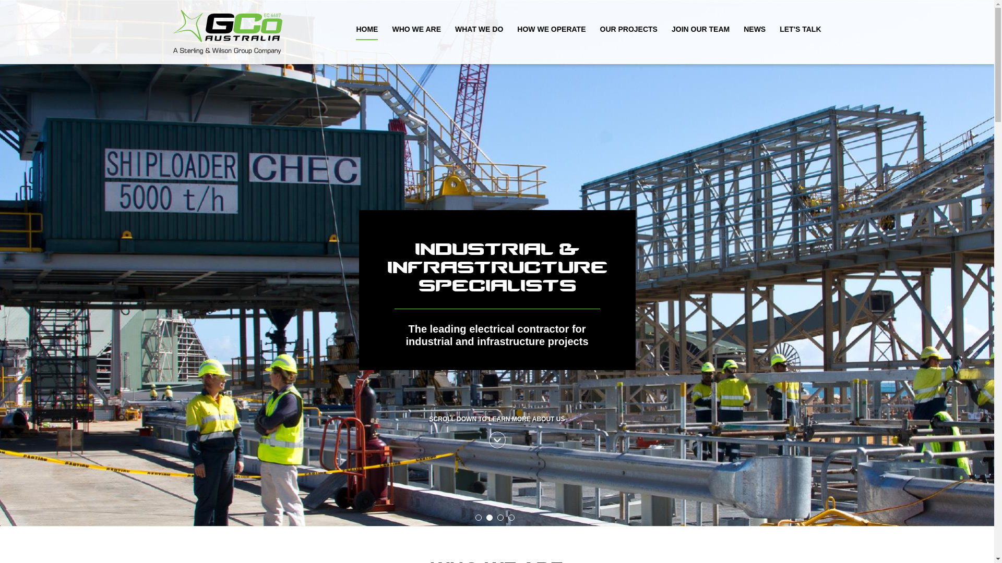 This screenshot has width=1002, height=563. Describe the element at coordinates (415, 29) in the screenshot. I see `'WHO WE ARE'` at that location.